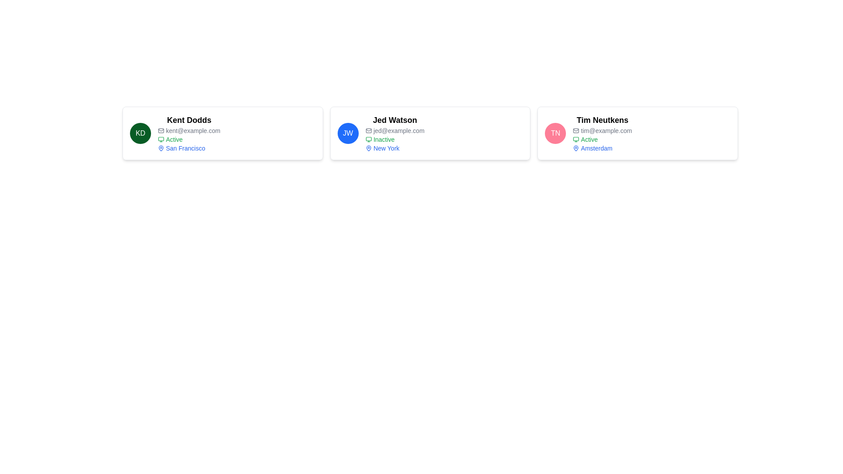 The image size is (843, 474). What do you see at coordinates (368, 139) in the screenshot?
I see `the status icon indicating 'Inactive' within the middle card of the horizontal list, positioned adjacent to the text` at bounding box center [368, 139].